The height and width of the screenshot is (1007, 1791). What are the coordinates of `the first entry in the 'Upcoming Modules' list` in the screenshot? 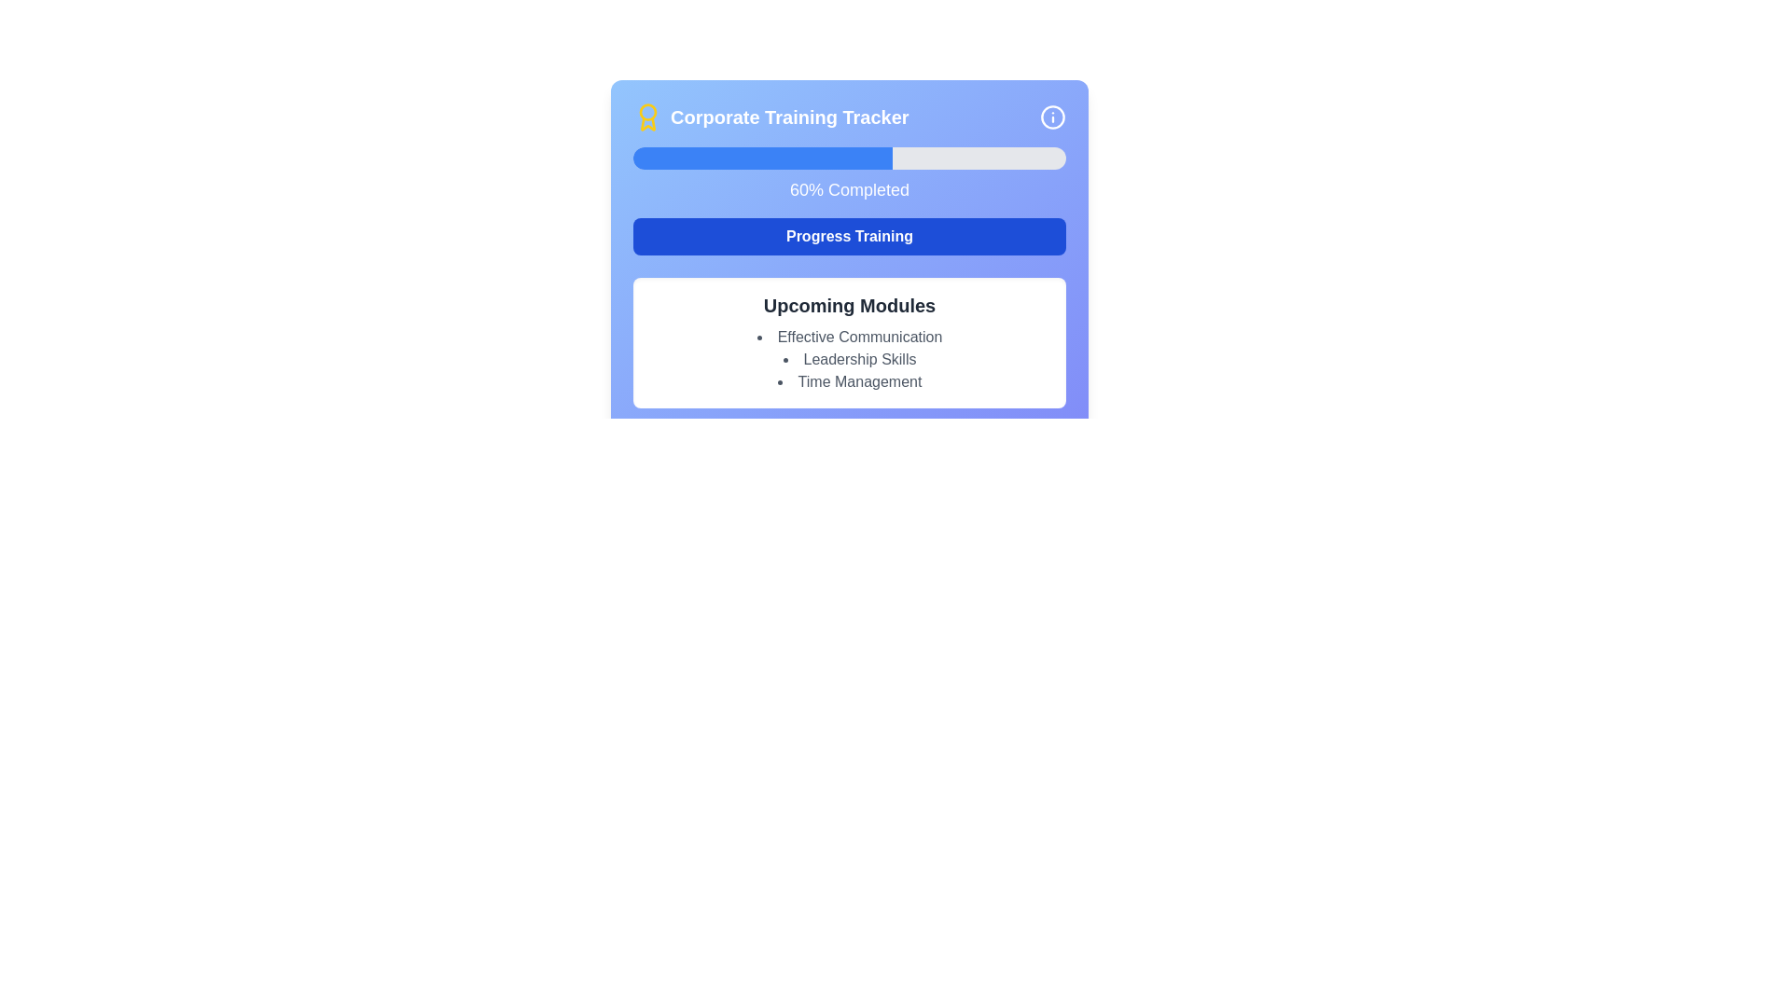 It's located at (849, 338).